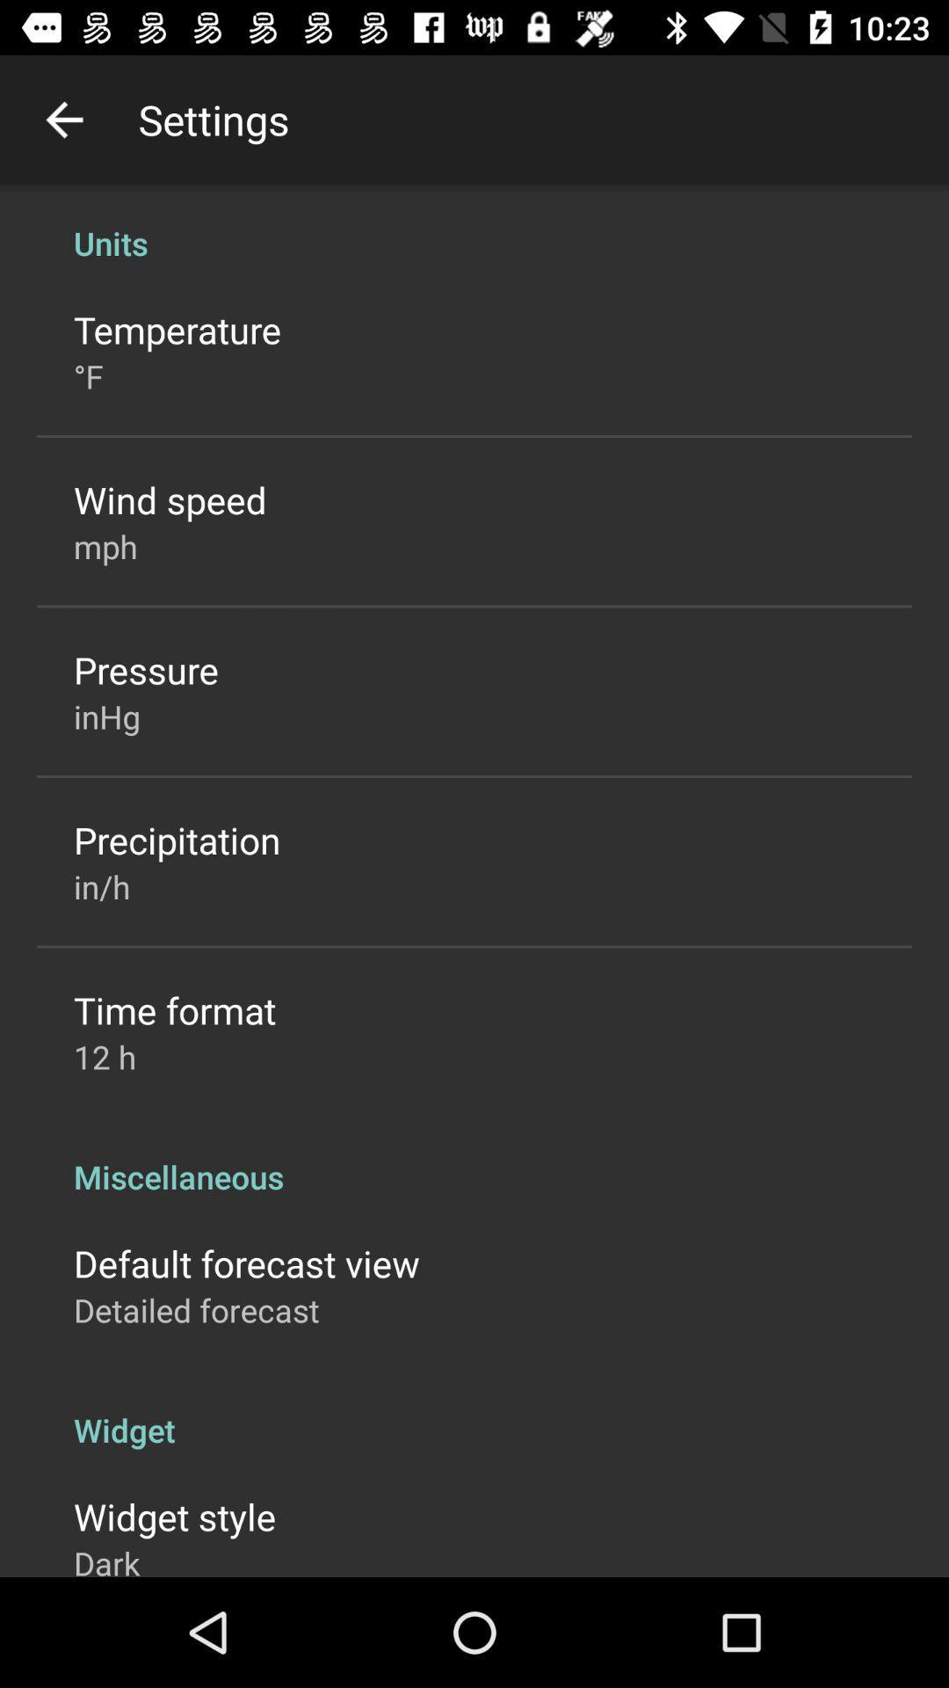 The image size is (949, 1688). I want to click on item below in/h, so click(175, 1009).